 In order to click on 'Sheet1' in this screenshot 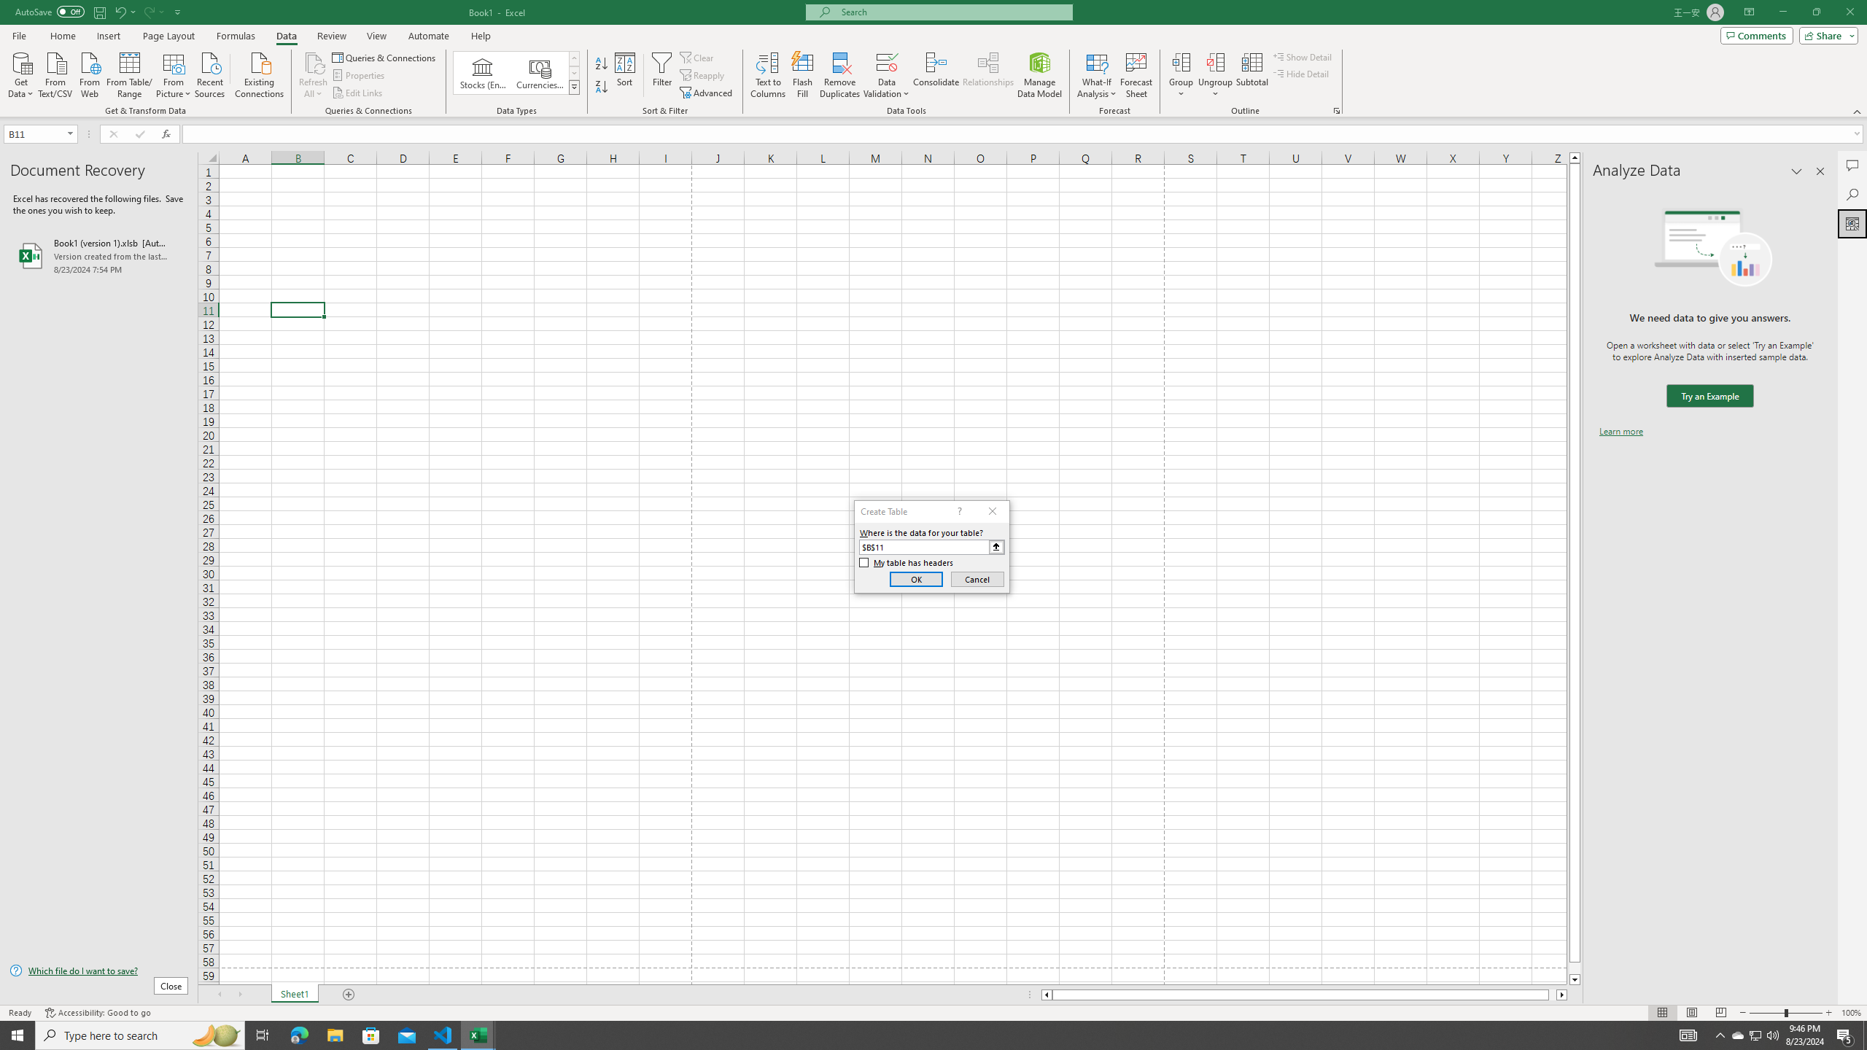, I will do `click(294, 994)`.